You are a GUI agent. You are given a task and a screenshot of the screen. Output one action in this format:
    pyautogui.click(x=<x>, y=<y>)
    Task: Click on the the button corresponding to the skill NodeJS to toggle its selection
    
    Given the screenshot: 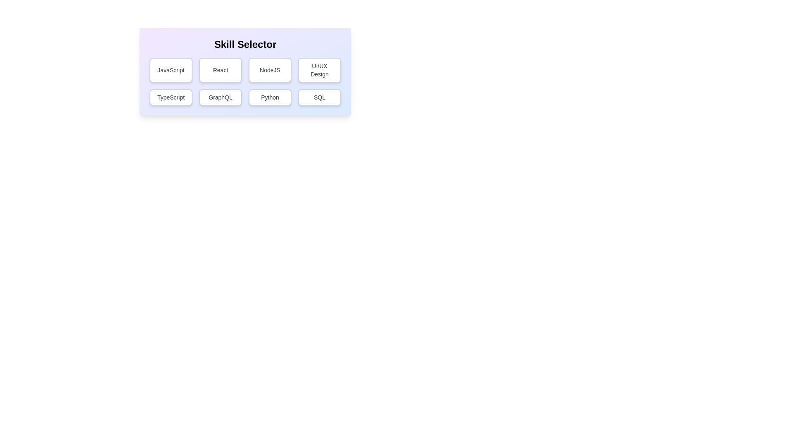 What is the action you would take?
    pyautogui.click(x=270, y=69)
    